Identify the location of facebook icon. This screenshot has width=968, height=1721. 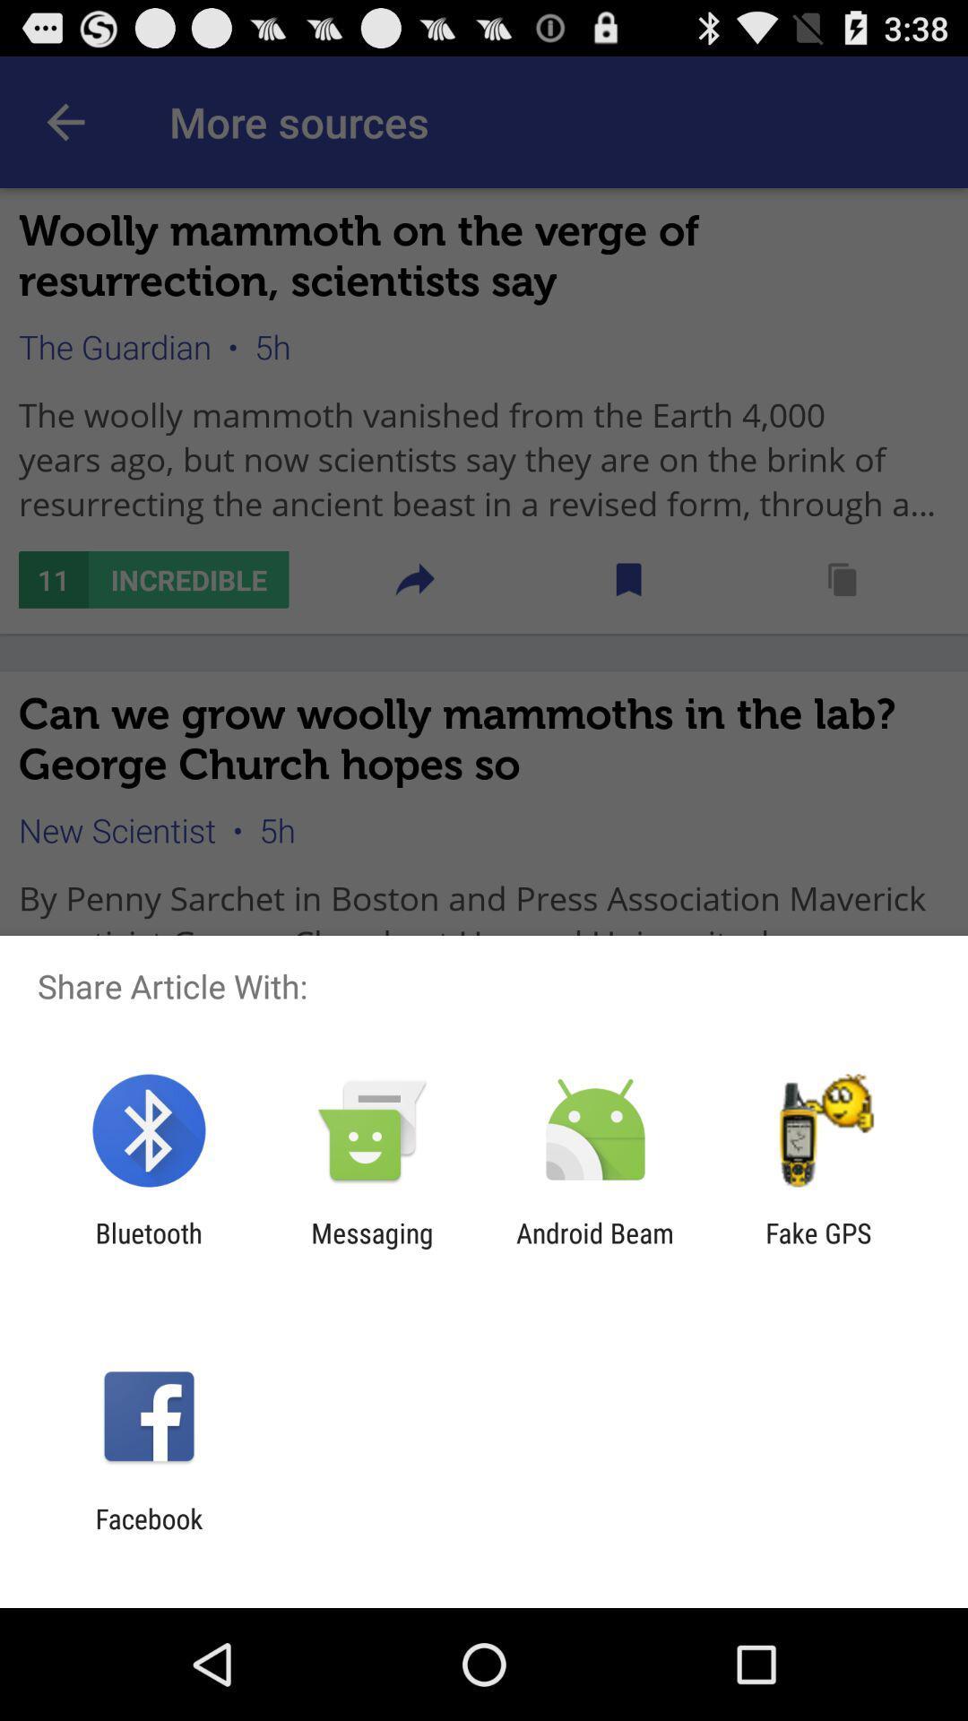
(148, 1534).